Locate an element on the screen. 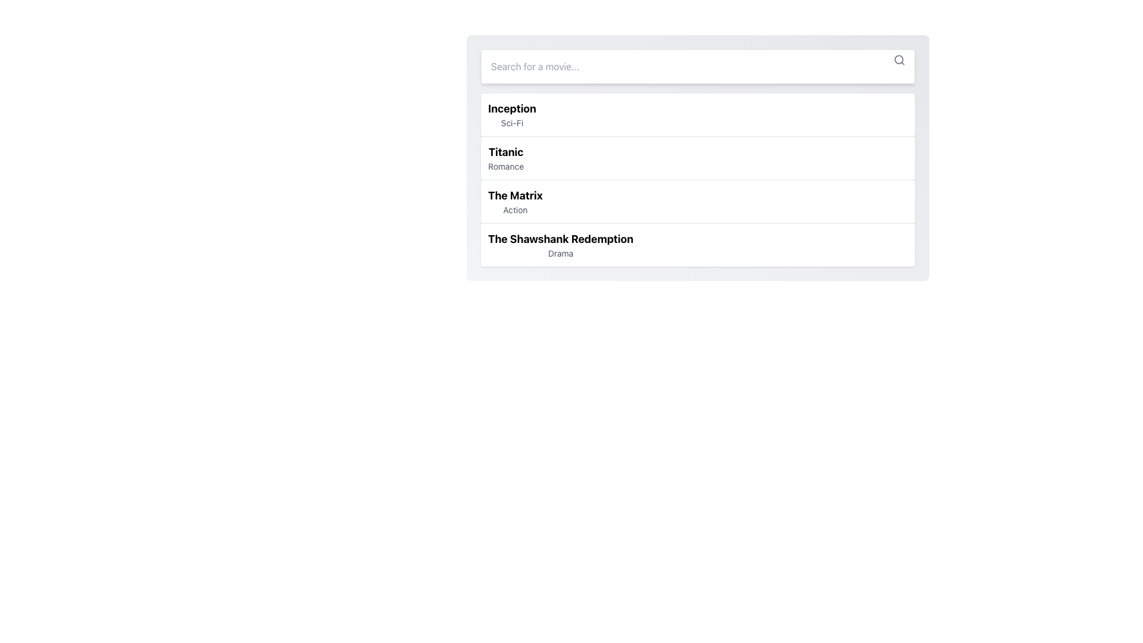  the list item titled 'The Shawshank Redemption' is located at coordinates (698, 244).